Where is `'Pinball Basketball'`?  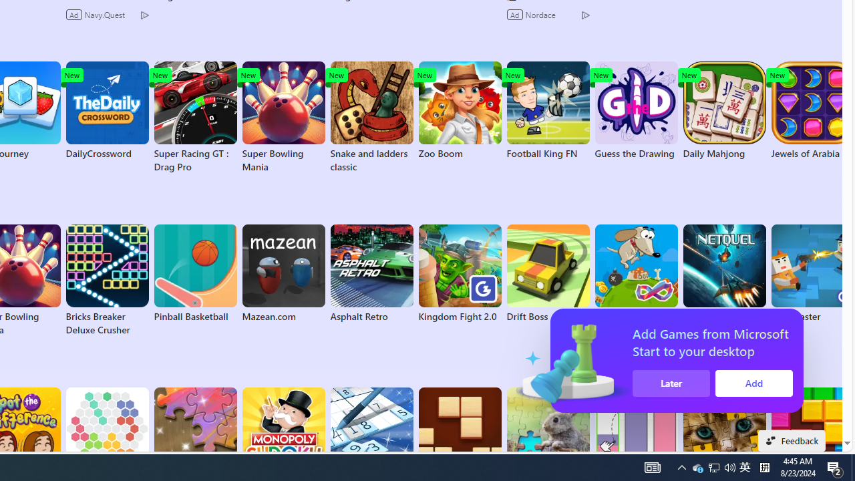 'Pinball Basketball' is located at coordinates (194, 273).